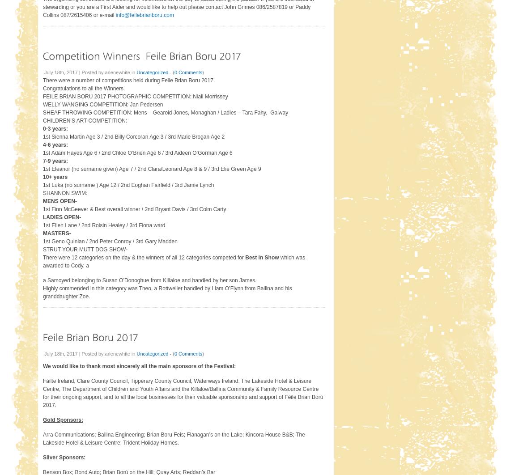 This screenshot has height=475, width=510. I want to click on '1st Geno Quinlan / 2nd Peter Conroy / 3rd Gary Madden', so click(110, 241).